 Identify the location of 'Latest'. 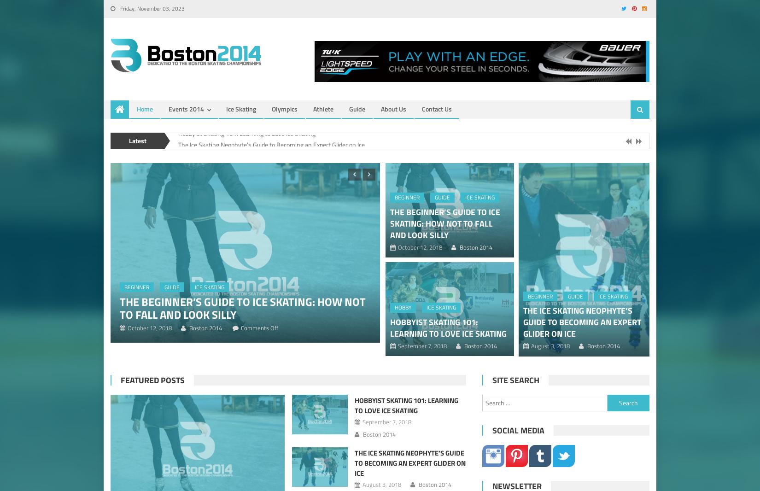
(129, 140).